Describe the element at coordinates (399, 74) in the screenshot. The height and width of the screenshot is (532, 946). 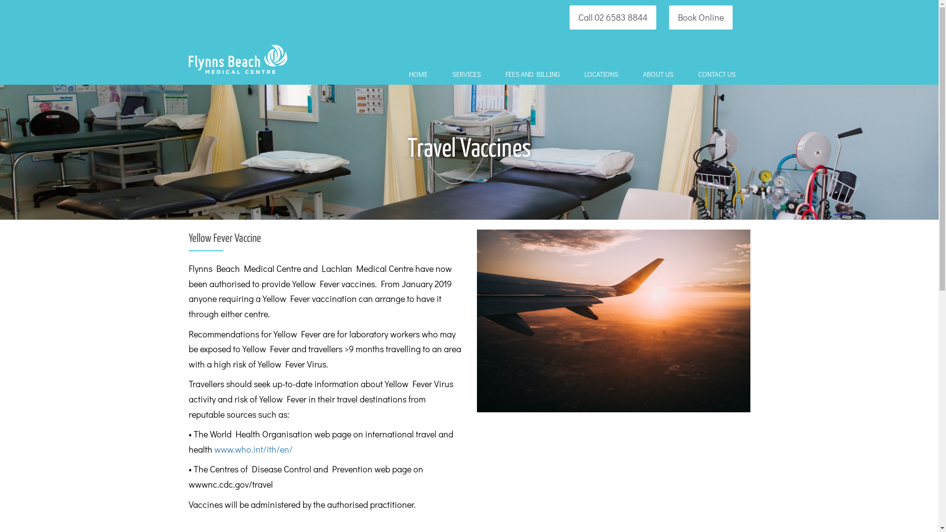
I see `'HOME'` at that location.